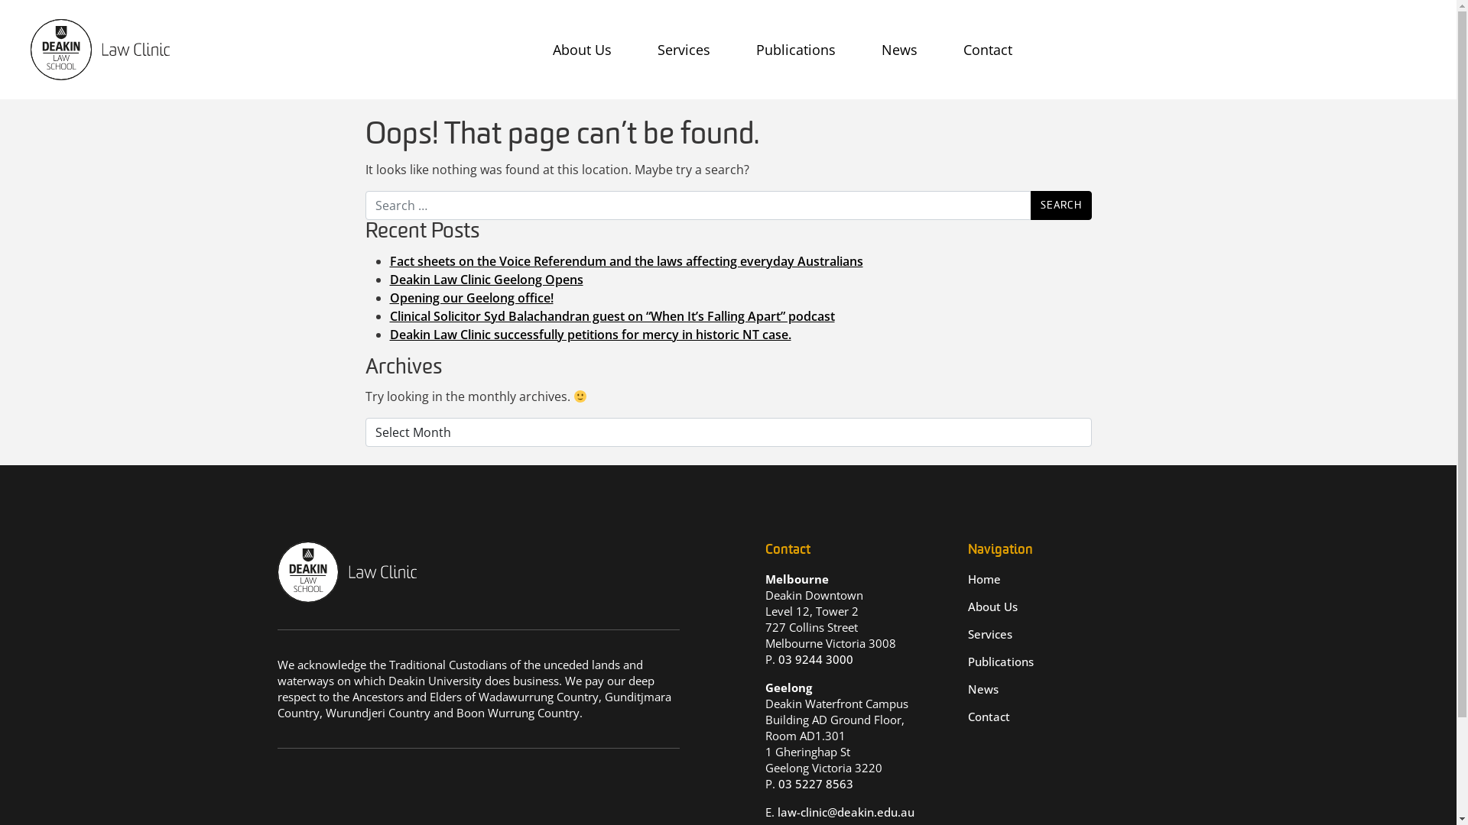 The image size is (1468, 825). What do you see at coordinates (1060, 205) in the screenshot?
I see `'Search'` at bounding box center [1060, 205].